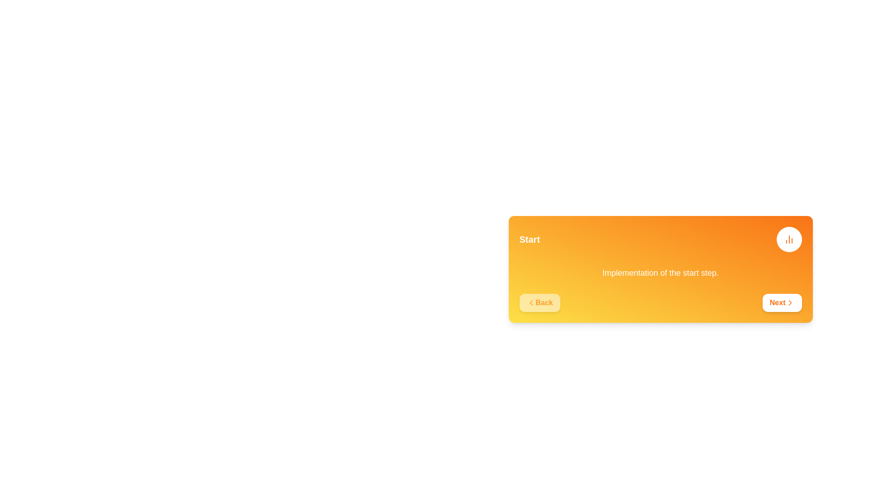  I want to click on text displayed in the centered text block that says 'Implementation of the start step.' which is located within a gradient orange panel, positioned below the title 'Start' and above the navigation buttons 'Back' and 'Next.', so click(660, 272).